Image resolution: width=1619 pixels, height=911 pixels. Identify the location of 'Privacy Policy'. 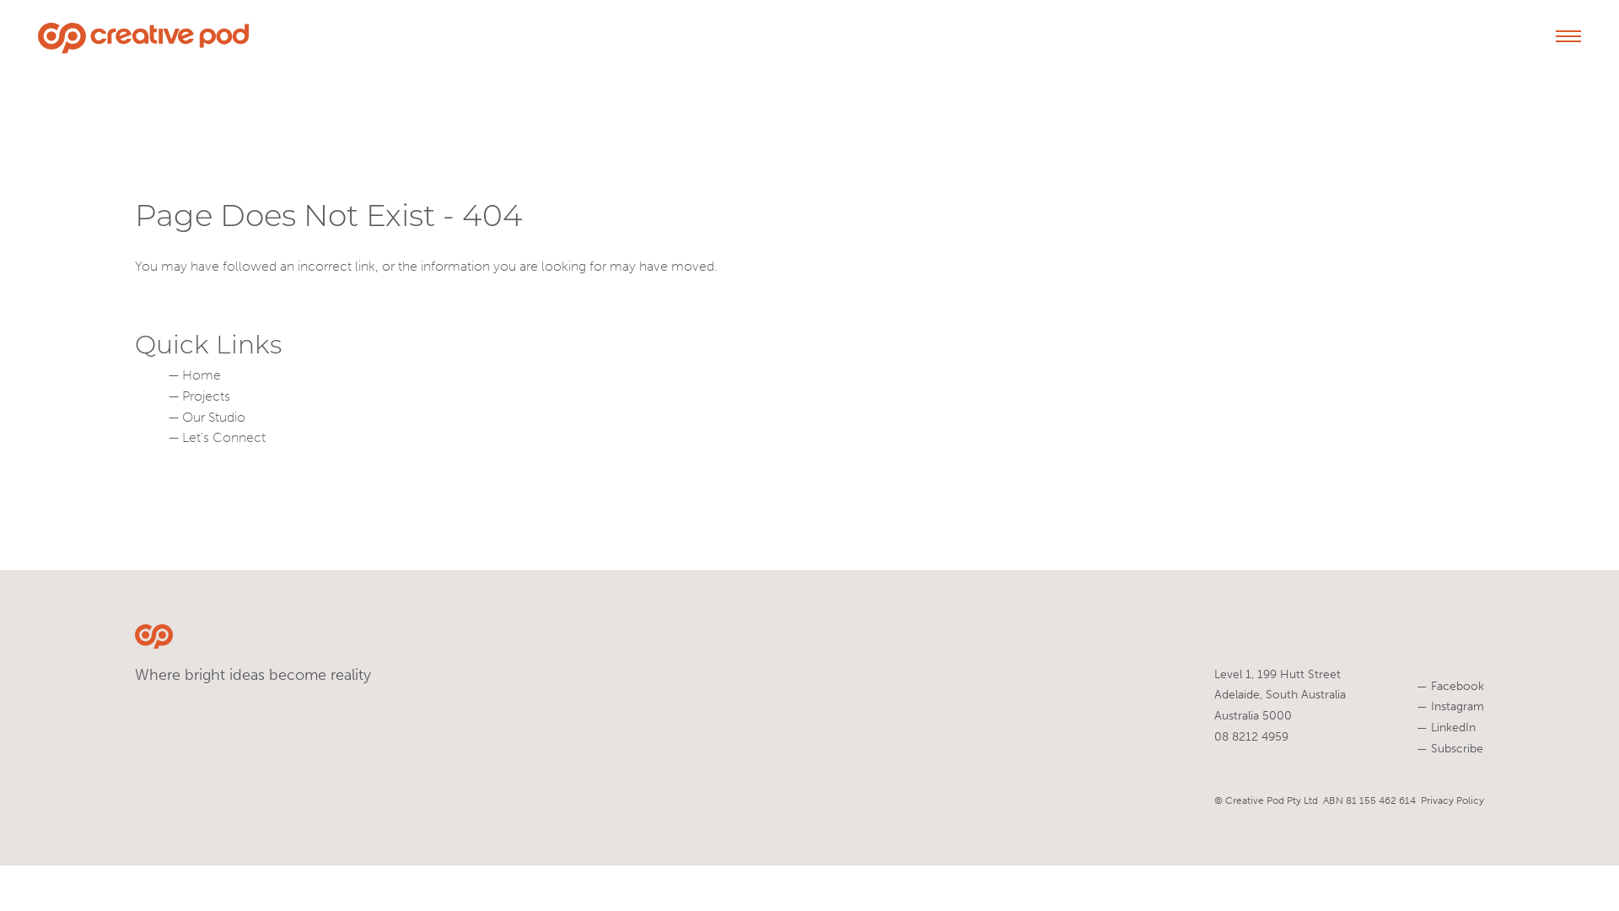
(1419, 799).